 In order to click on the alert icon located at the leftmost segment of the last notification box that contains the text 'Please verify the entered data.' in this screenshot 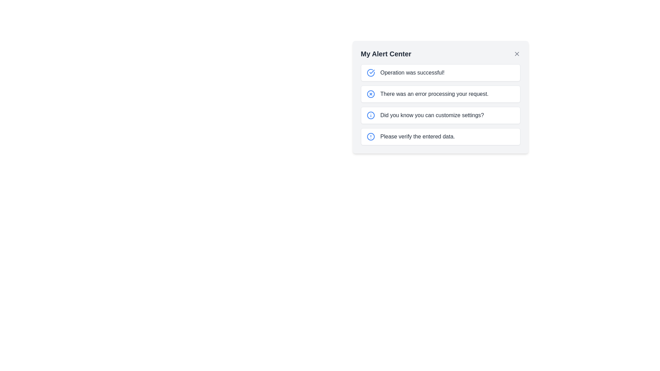, I will do `click(370, 136)`.